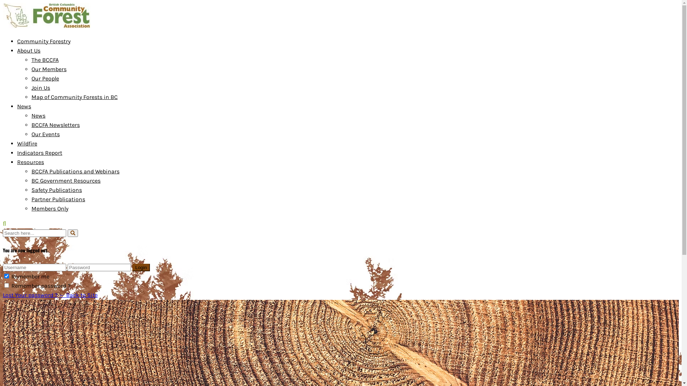 Image resolution: width=687 pixels, height=386 pixels. Describe the element at coordinates (43, 41) in the screenshot. I see `'Community Forestry'` at that location.